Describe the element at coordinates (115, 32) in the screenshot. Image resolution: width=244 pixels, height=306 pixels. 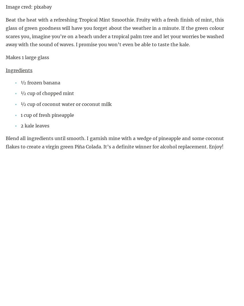
I see `'Beat the heat with a refreshing Tropical Mint Smoothie. Fruity with a fresh finish of mint, this glass of green goodness will have you forget about the weather in a minute. If the green colour scares you, imagine you’re on a beach under a tropical palm tree and let your worries be washed away with the sound of waves. I promise you won’t even be able to taste the kale.'` at that location.